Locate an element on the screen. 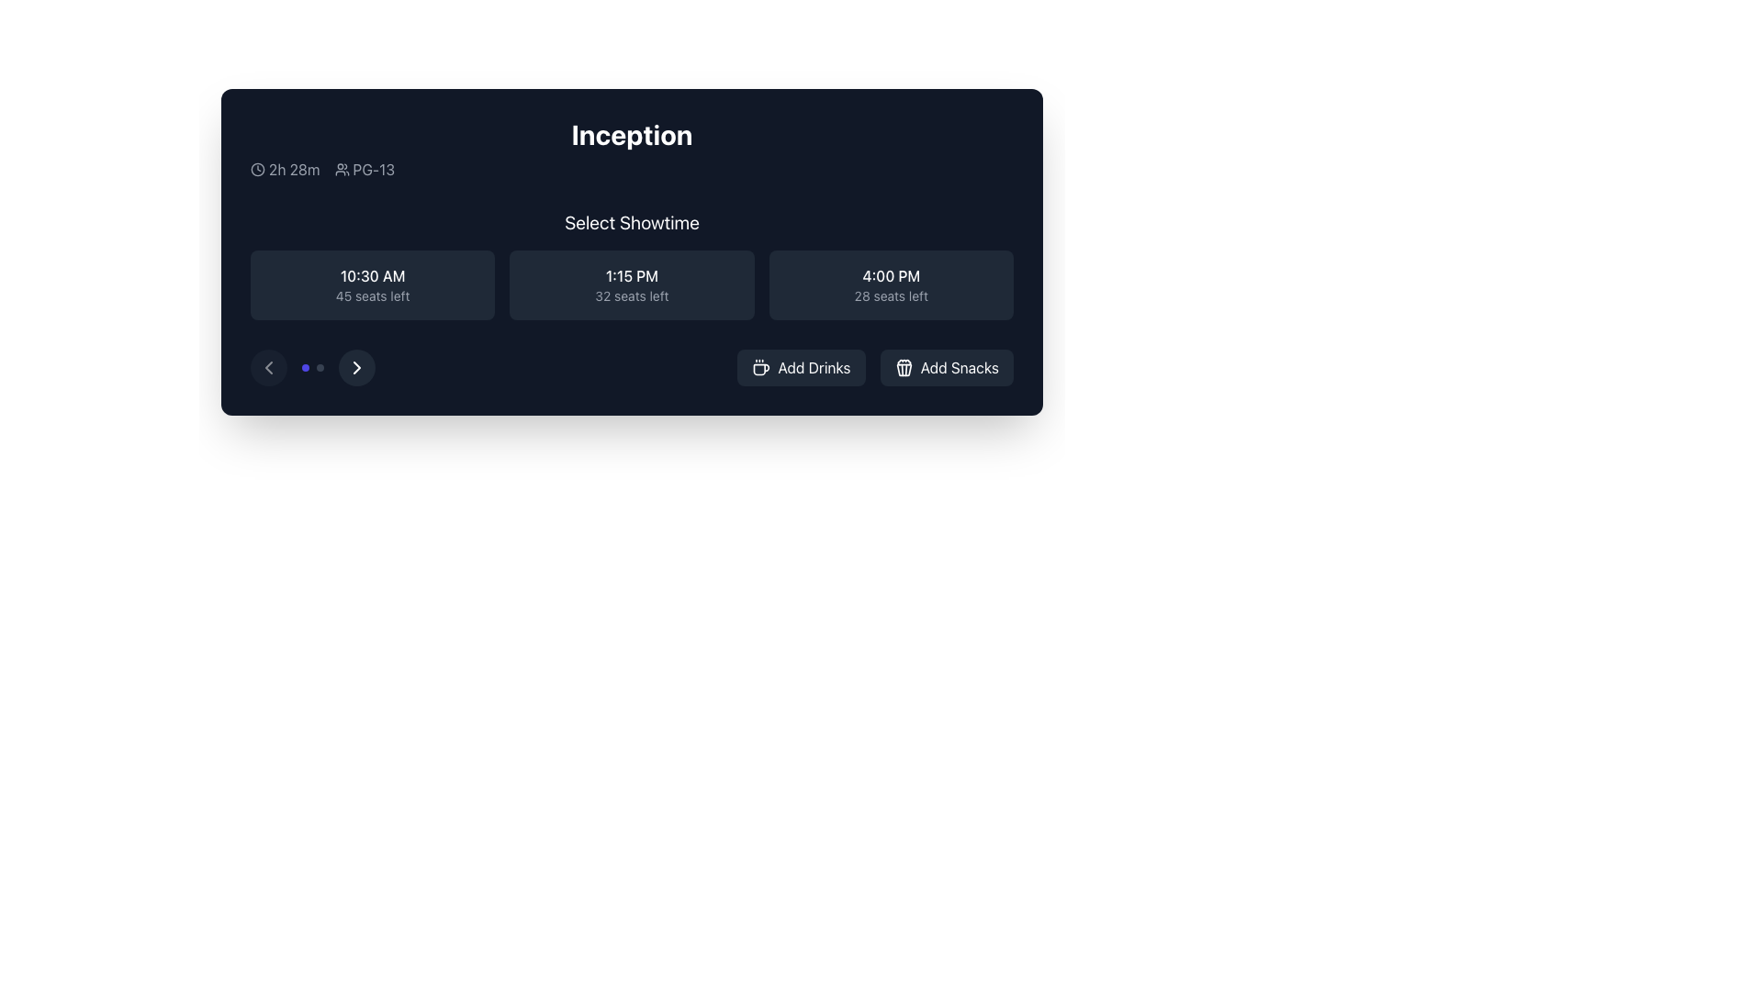 Image resolution: width=1763 pixels, height=991 pixels. the text label displaying '45 seats left' located below the time '10:30 AM' within a rounded, dark-colored button is located at coordinates (372, 295).